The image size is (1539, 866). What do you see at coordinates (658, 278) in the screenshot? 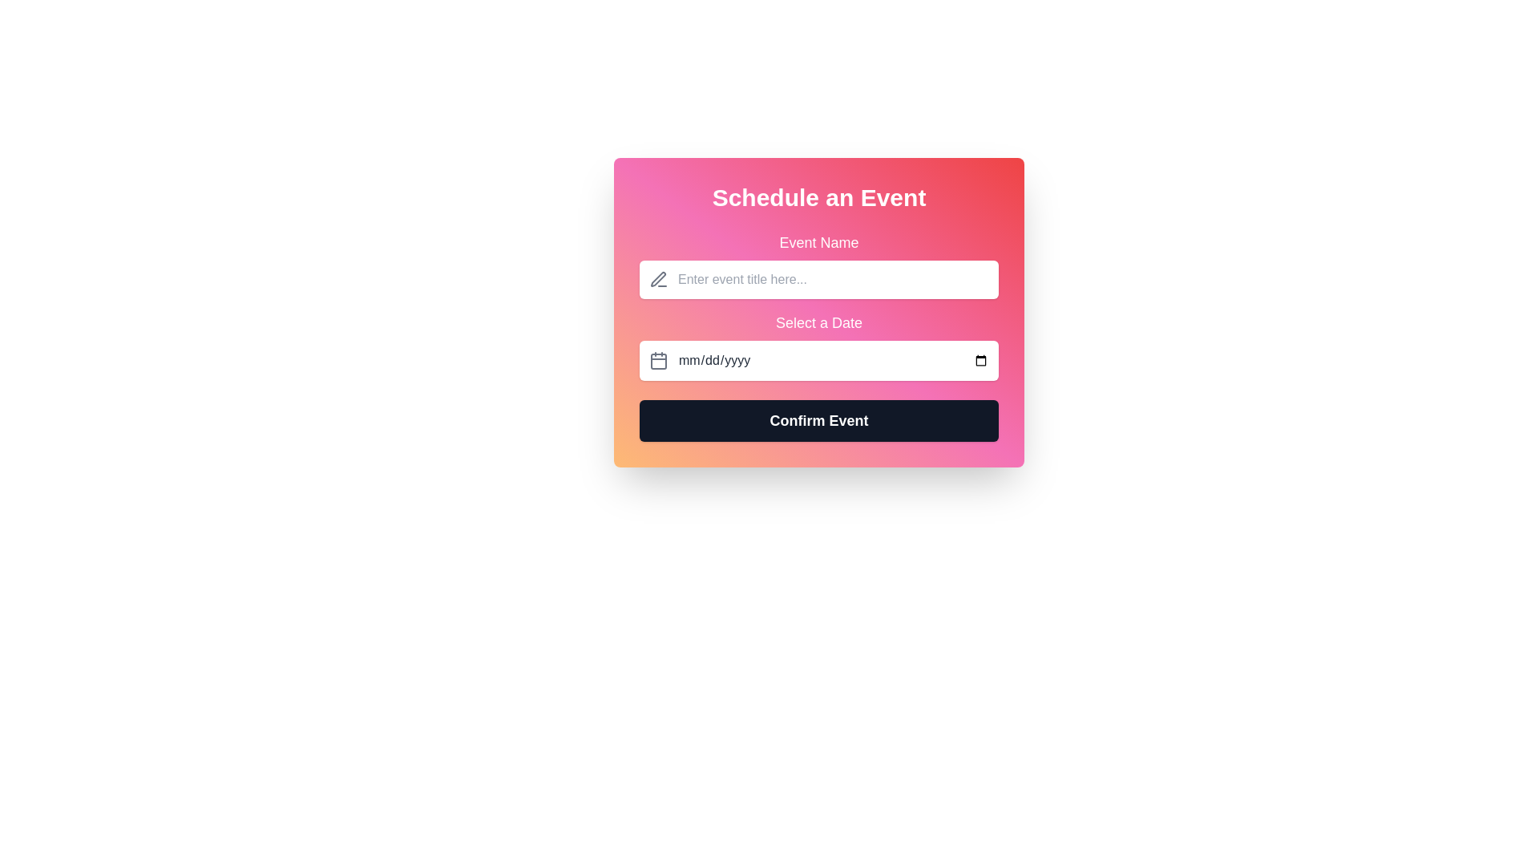
I see `the gray pen-shaped icon located directly to the left of the text input field with the placeholder 'Enter event title here...'` at bounding box center [658, 278].